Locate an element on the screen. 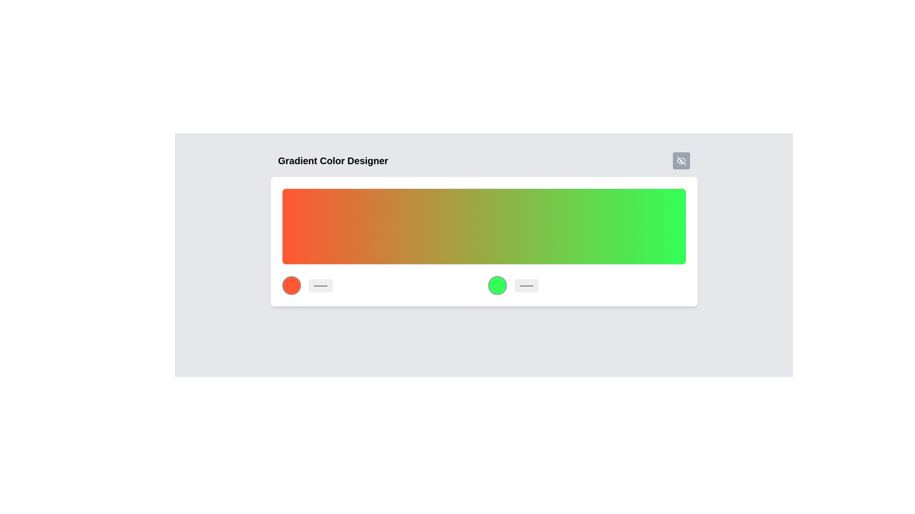 Image resolution: width=915 pixels, height=514 pixels. the left color indicator of the dual-selector component for adjusting colors, located in the left half of the component is located at coordinates (484, 285).